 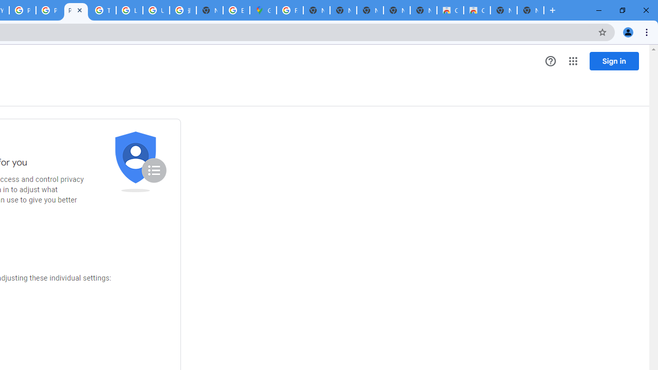 I want to click on 'Privacy Checkup', so click(x=49, y=10).